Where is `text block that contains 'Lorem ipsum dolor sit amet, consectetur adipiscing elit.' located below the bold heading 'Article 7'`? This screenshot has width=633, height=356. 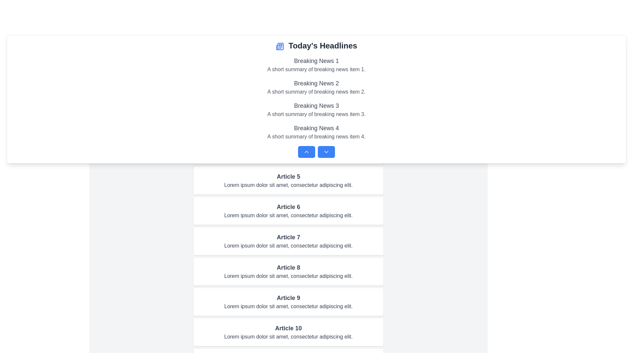 text block that contains 'Lorem ipsum dolor sit amet, consectetur adipiscing elit.' located below the bold heading 'Article 7' is located at coordinates (288, 246).